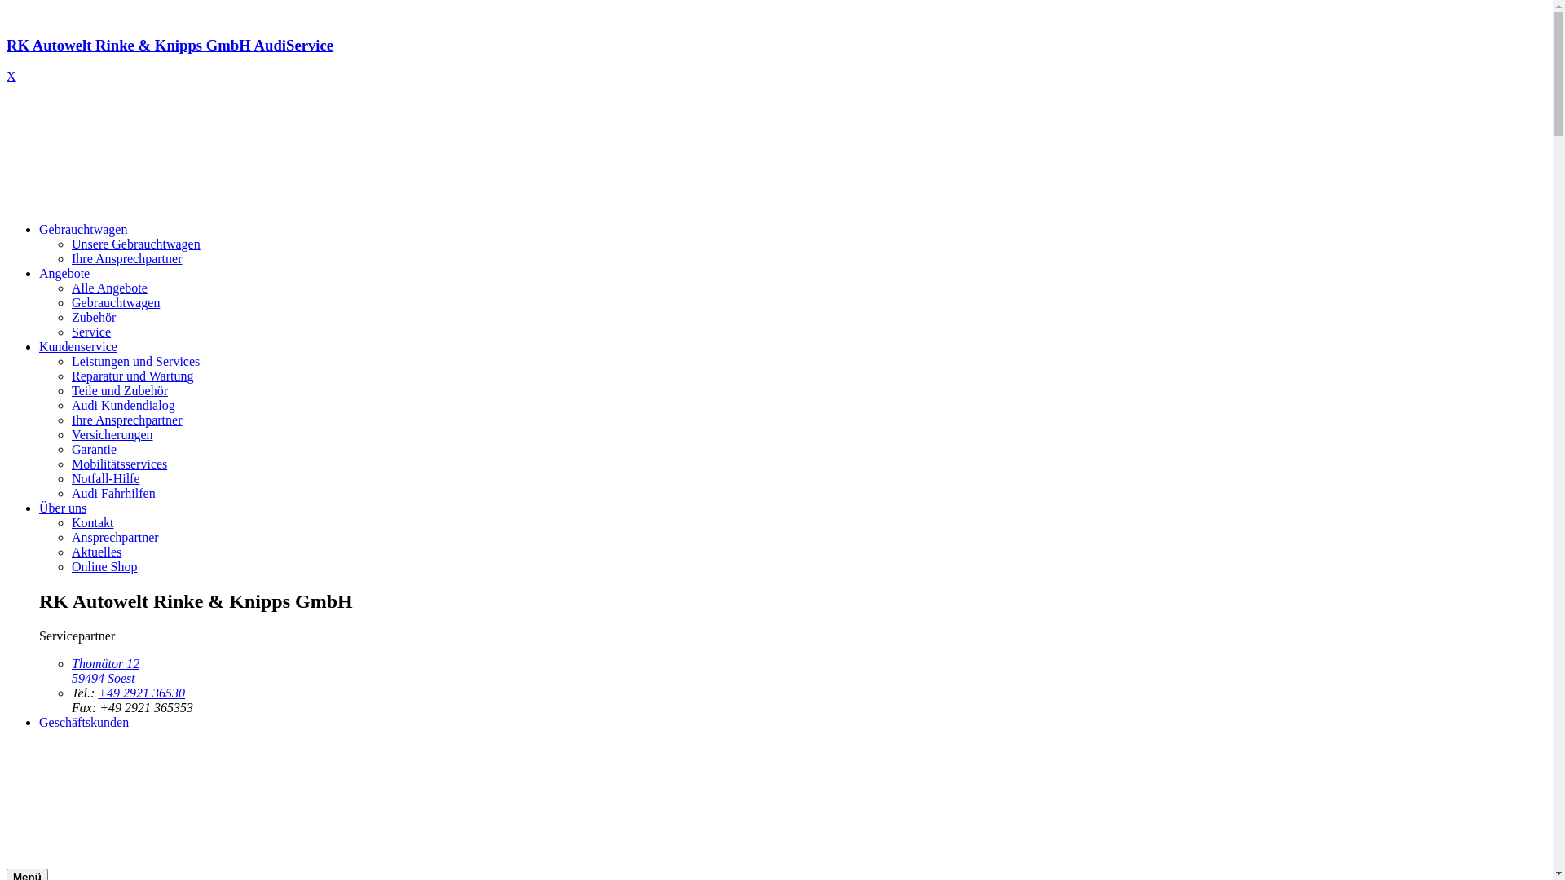 This screenshot has width=1565, height=880. Describe the element at coordinates (82, 229) in the screenshot. I see `'Gebrauchtwagen'` at that location.